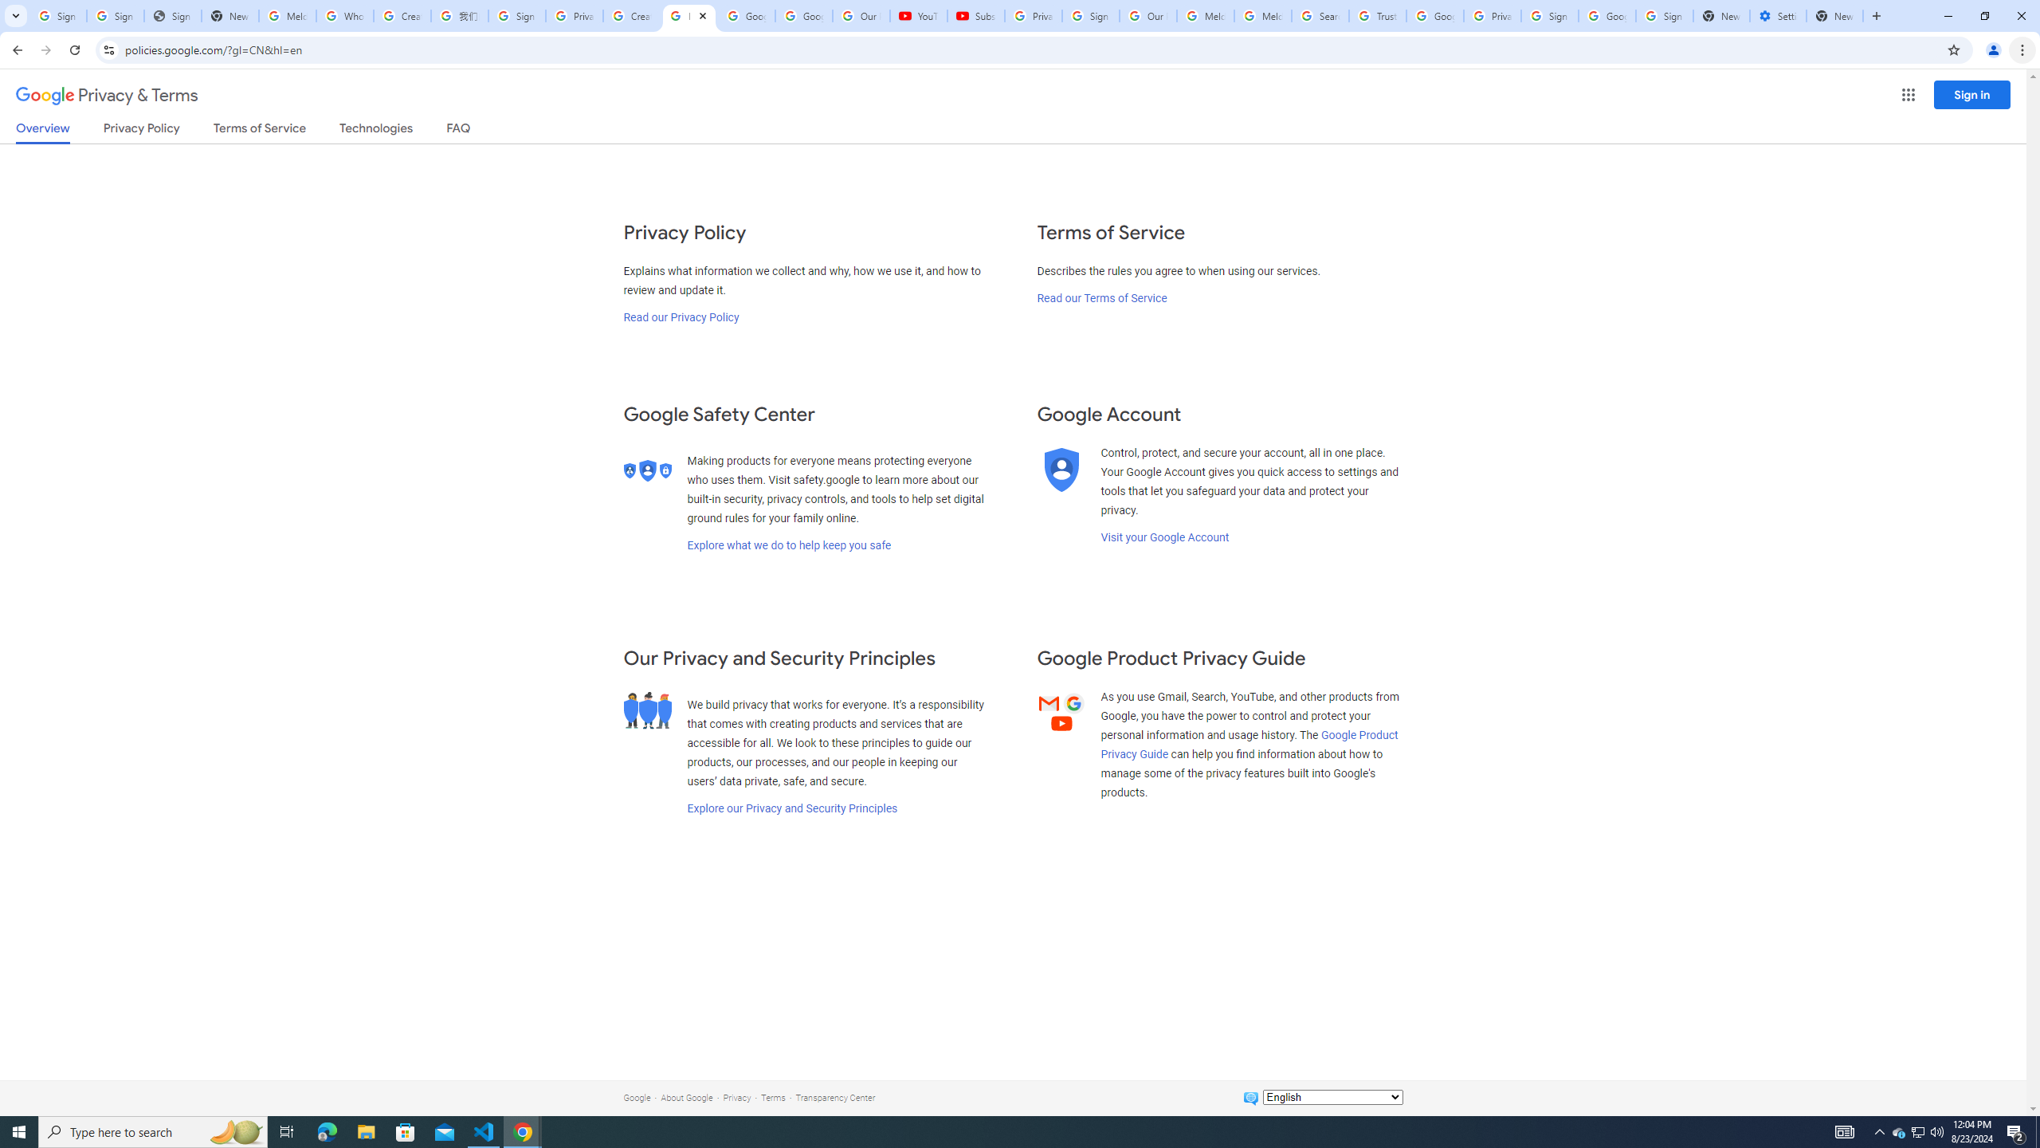 The height and width of the screenshot is (1148, 2040). Describe the element at coordinates (1163, 537) in the screenshot. I see `'Visit your Google Account'` at that location.